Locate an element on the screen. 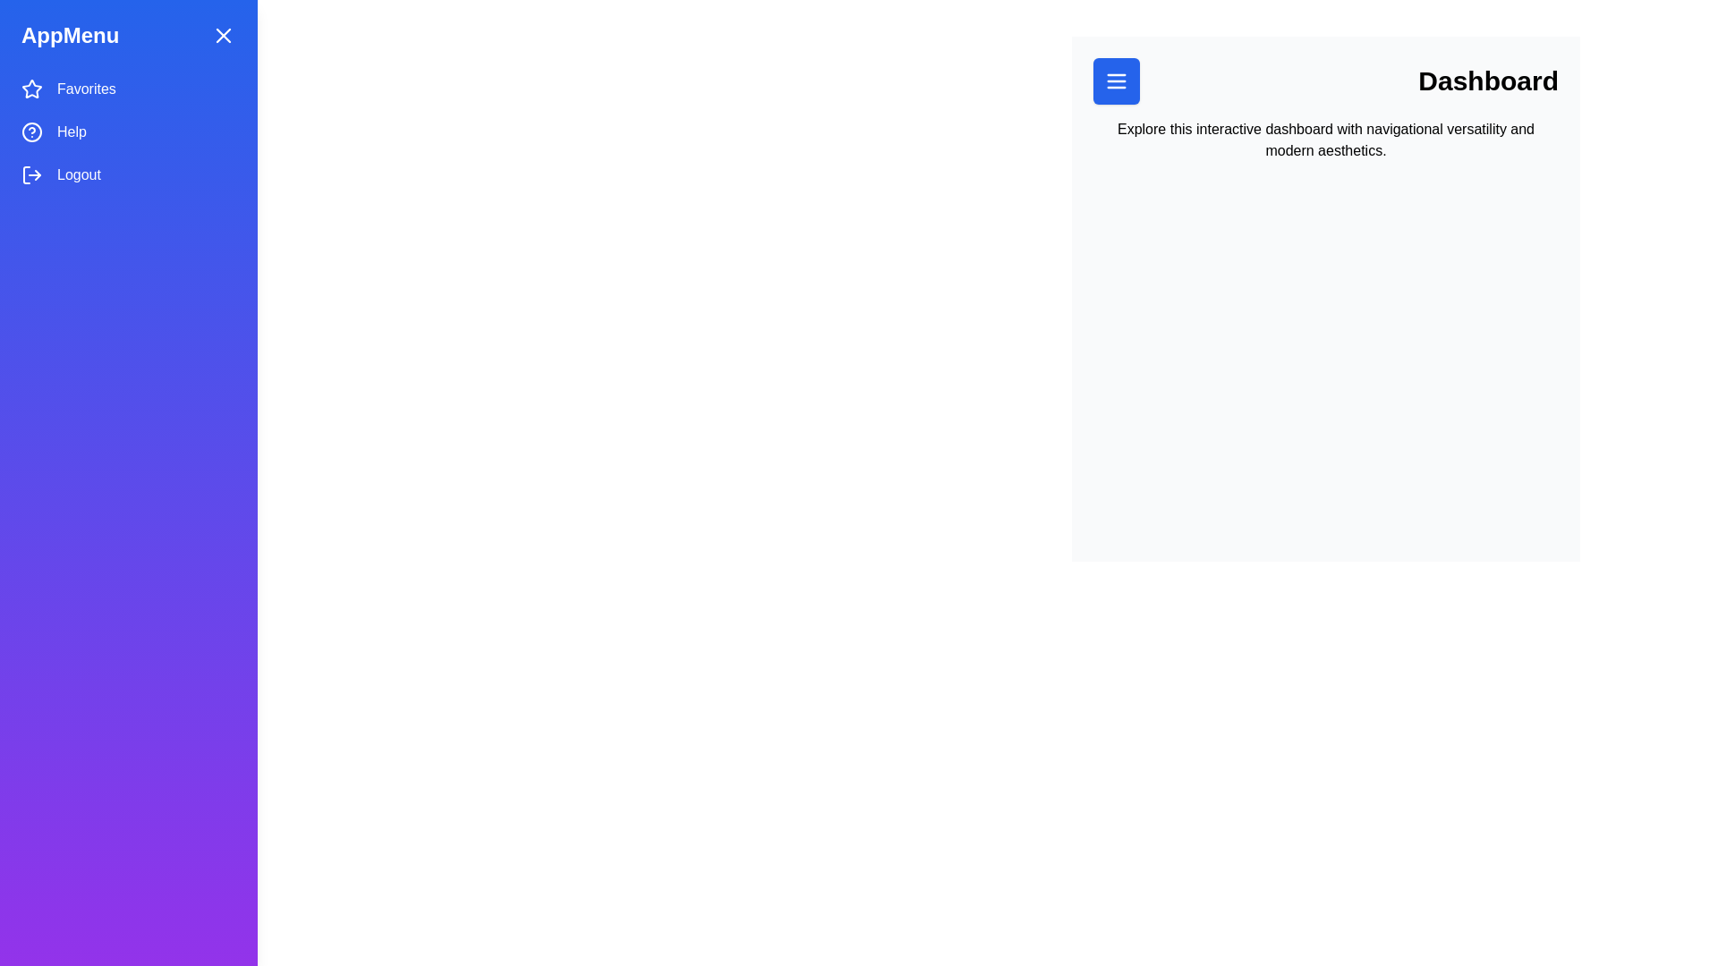  the 'Help' or 'Support' SVG Circle icon located in the application menu, positioned between the 'Favorites' and 'Logout' icons is located at coordinates (31, 131).